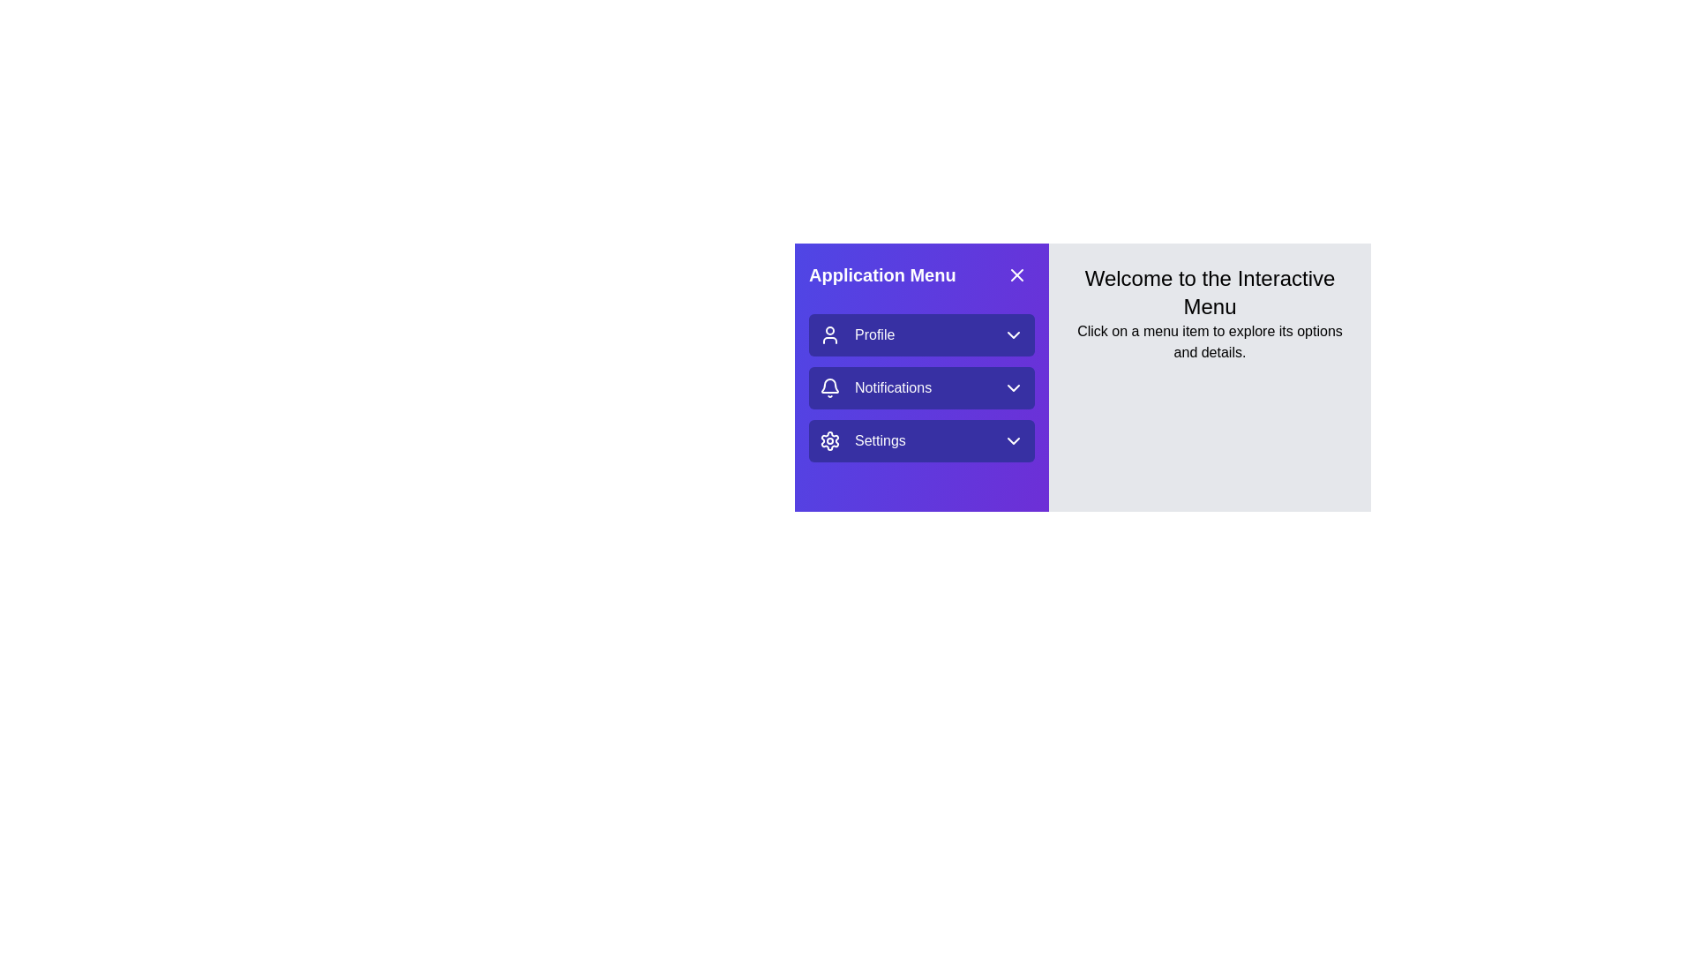  I want to click on the close button located in the top-right corner of the 'Application Menu', so click(1016, 275).